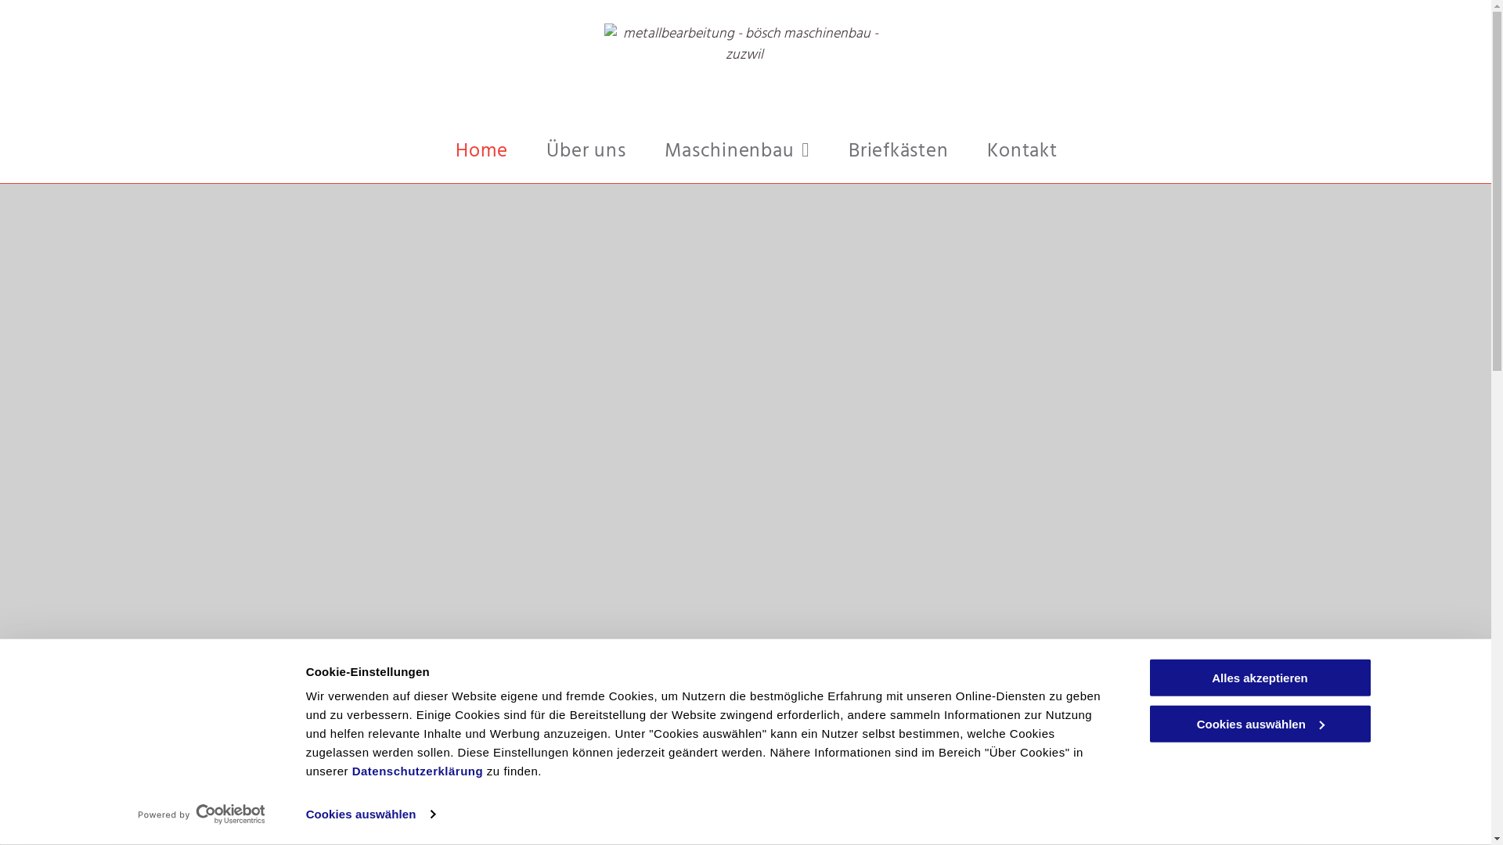 The width and height of the screenshot is (1503, 845). Describe the element at coordinates (736, 153) in the screenshot. I see `'Maschinenbau'` at that location.